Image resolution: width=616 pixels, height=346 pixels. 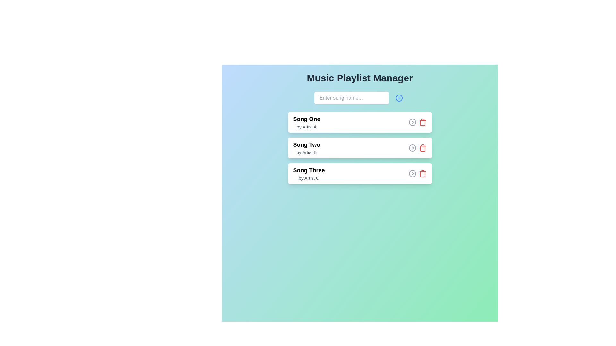 I want to click on the text label that titles the first song in the playlist, located at the top of the vertical list structure, so click(x=306, y=119).